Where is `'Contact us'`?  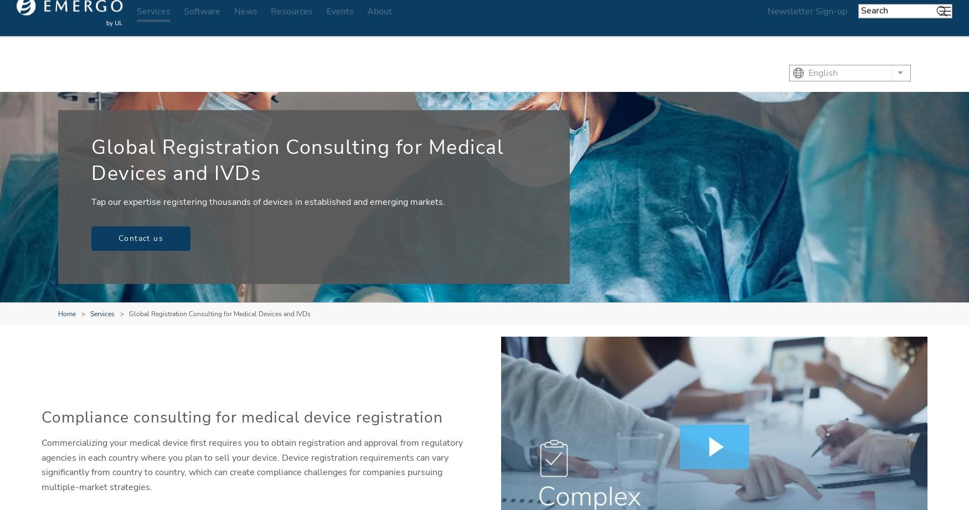
'Contact us' is located at coordinates (140, 238).